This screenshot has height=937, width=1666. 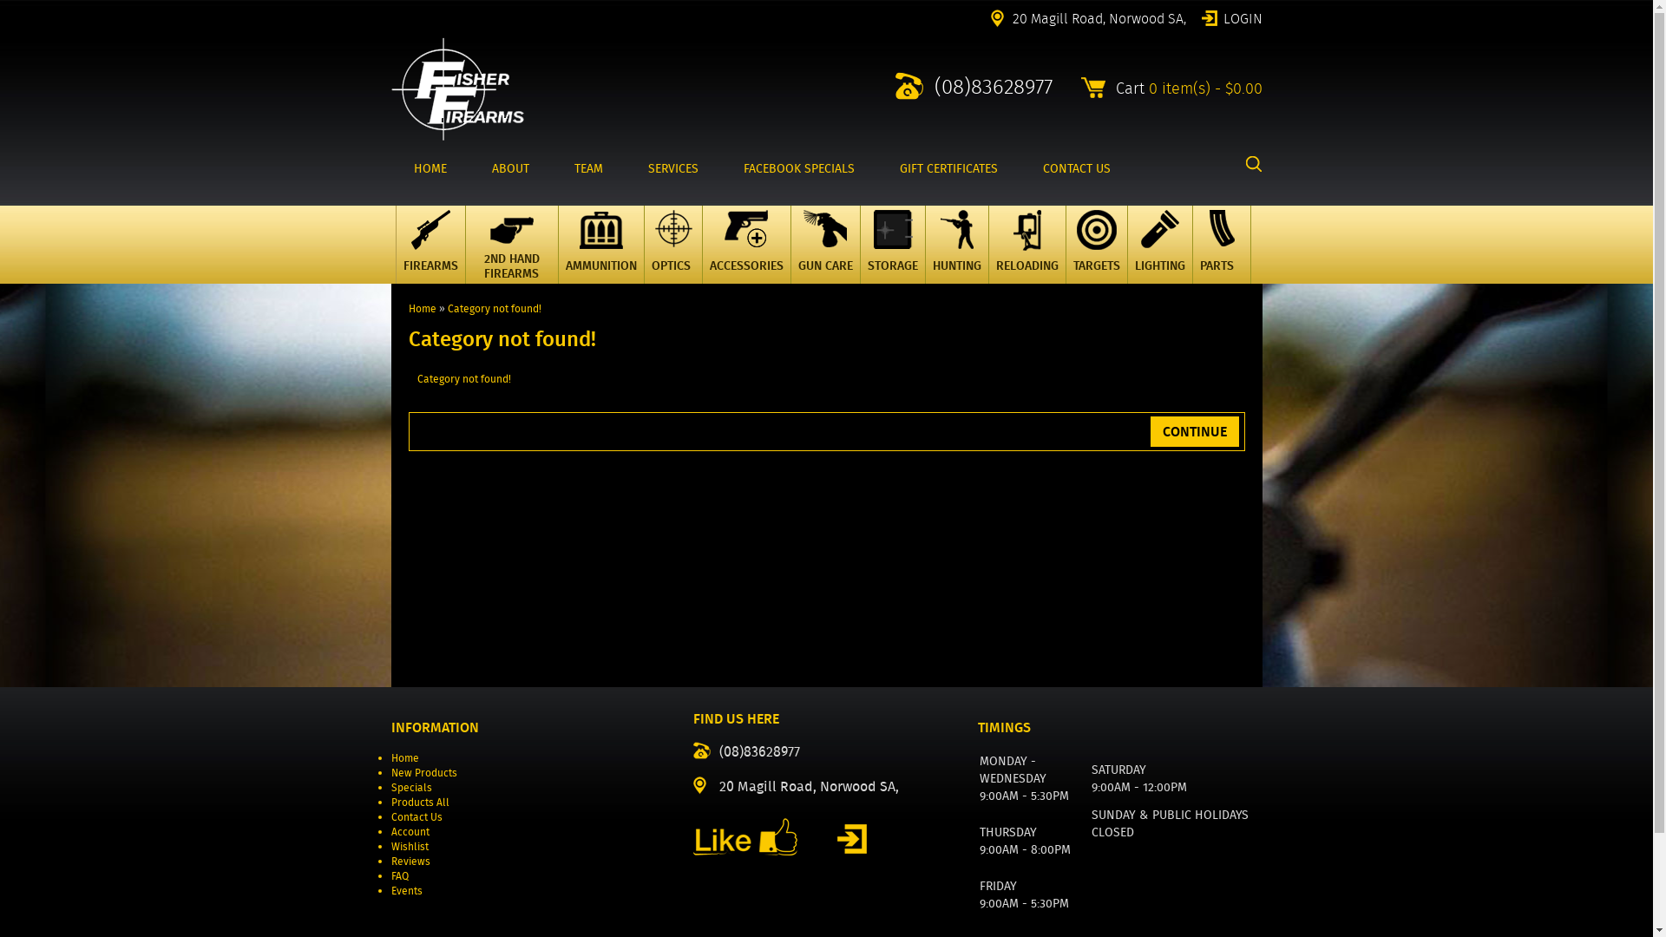 I want to click on 'Products All', so click(x=419, y=802).